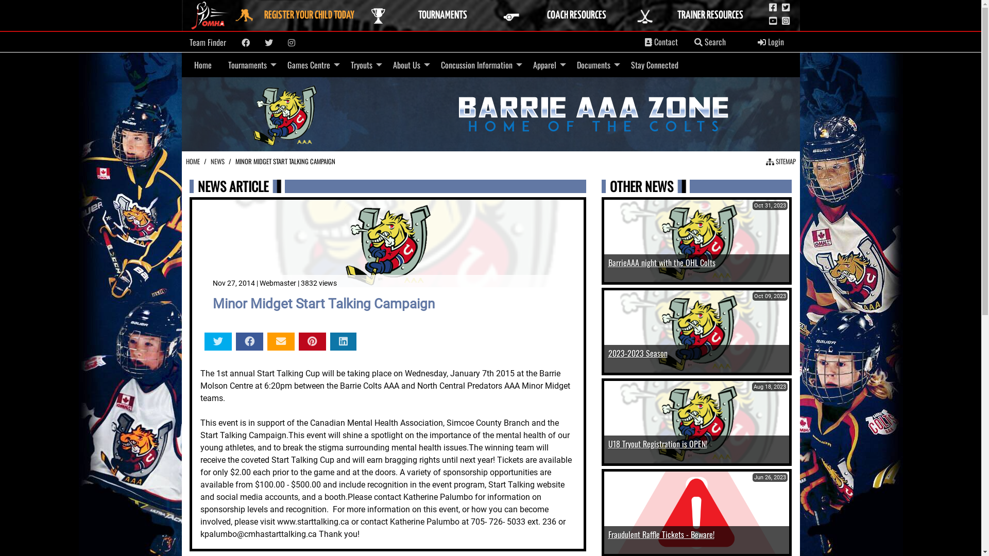  I want to click on 'Contacts', so click(647, 41).